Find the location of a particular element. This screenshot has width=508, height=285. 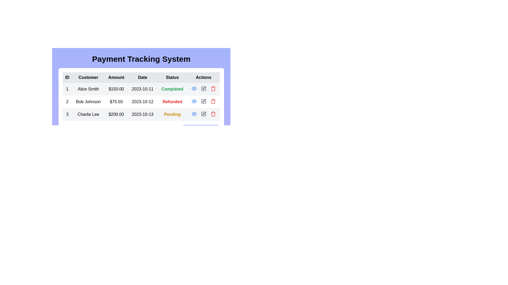

the edit icon in the action icons group for the payment record of 'Alice Smith' is located at coordinates (203, 88).